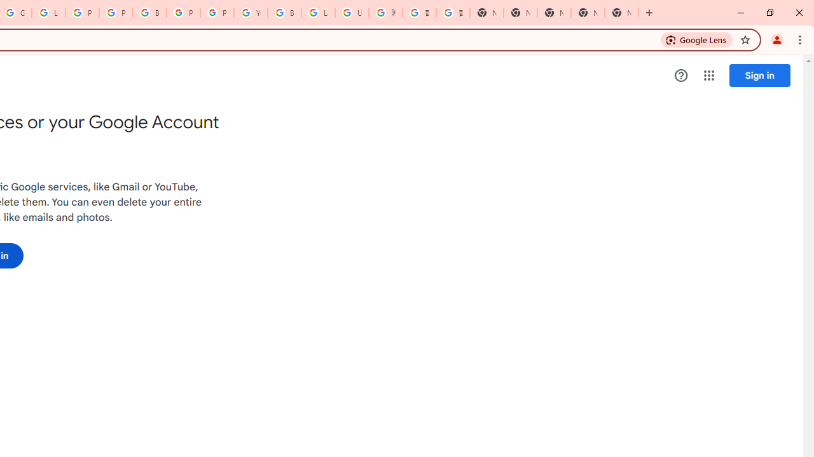  What do you see at coordinates (81, 13) in the screenshot?
I see `'Privacy Help Center - Policies Help'` at bounding box center [81, 13].